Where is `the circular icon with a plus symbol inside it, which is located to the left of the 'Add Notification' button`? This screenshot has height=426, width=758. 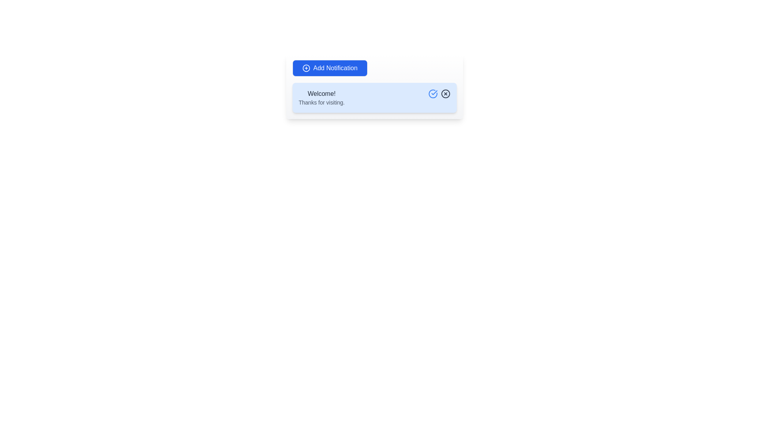
the circular icon with a plus symbol inside it, which is located to the left of the 'Add Notification' button is located at coordinates (306, 68).